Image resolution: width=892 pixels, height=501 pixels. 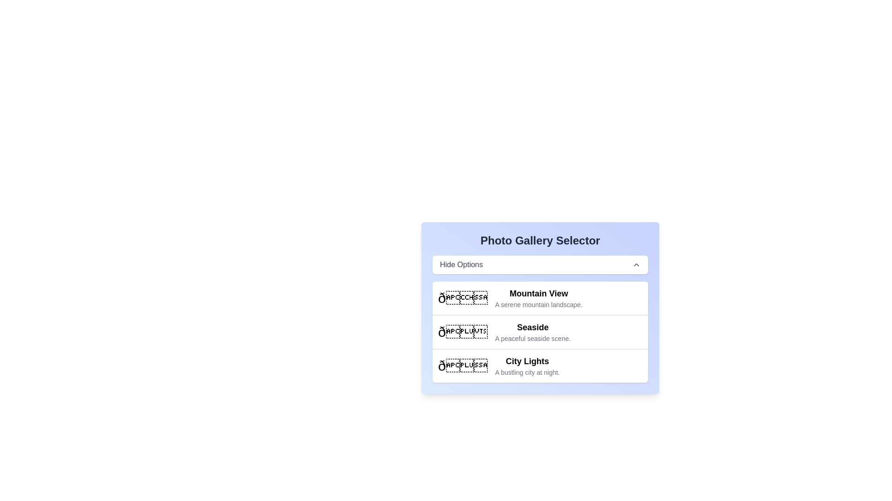 I want to click on text content of the descriptive text label positioned below 'City Lights' in the Photo Gallery Selector interface, so click(x=527, y=372).